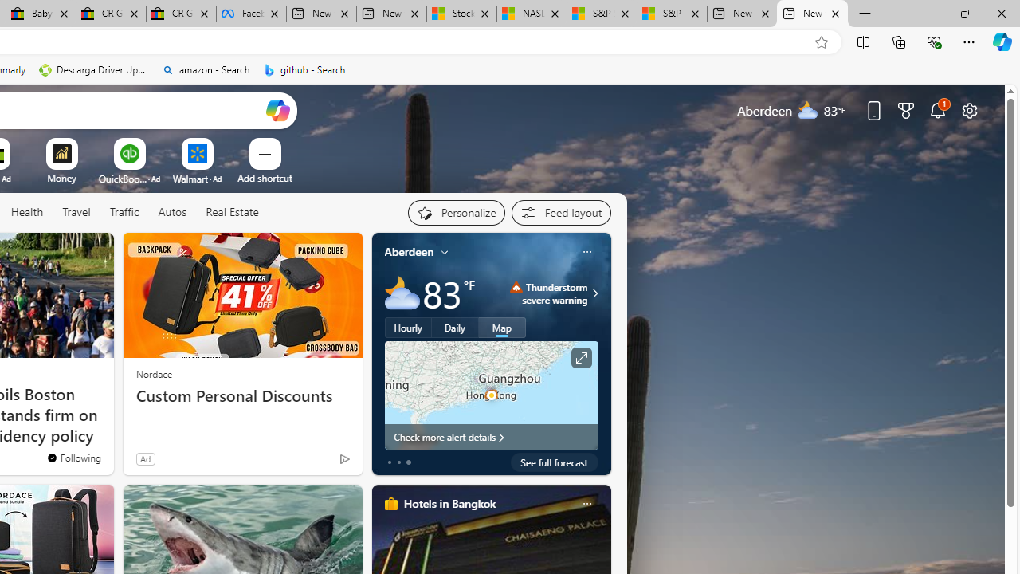  What do you see at coordinates (304, 69) in the screenshot?
I see `'github - Search'` at bounding box center [304, 69].